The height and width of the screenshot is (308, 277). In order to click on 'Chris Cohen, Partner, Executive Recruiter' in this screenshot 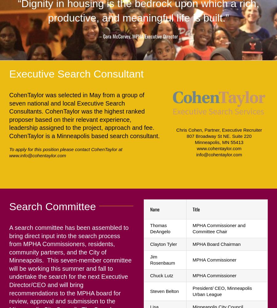, I will do `click(219, 130)`.